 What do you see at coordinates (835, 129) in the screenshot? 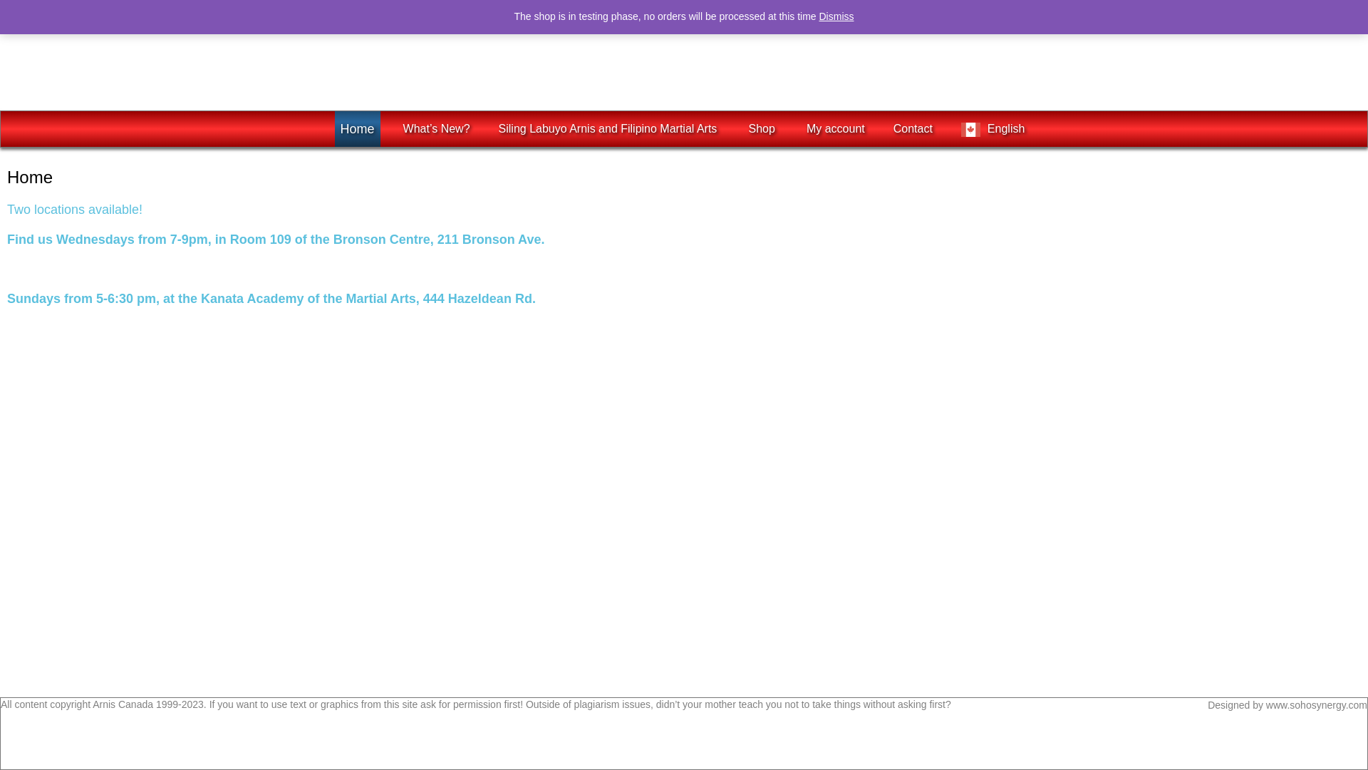
I see `'My account'` at bounding box center [835, 129].